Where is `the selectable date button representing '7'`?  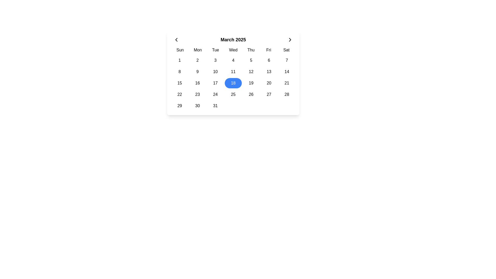
the selectable date button representing '7' is located at coordinates (286, 60).